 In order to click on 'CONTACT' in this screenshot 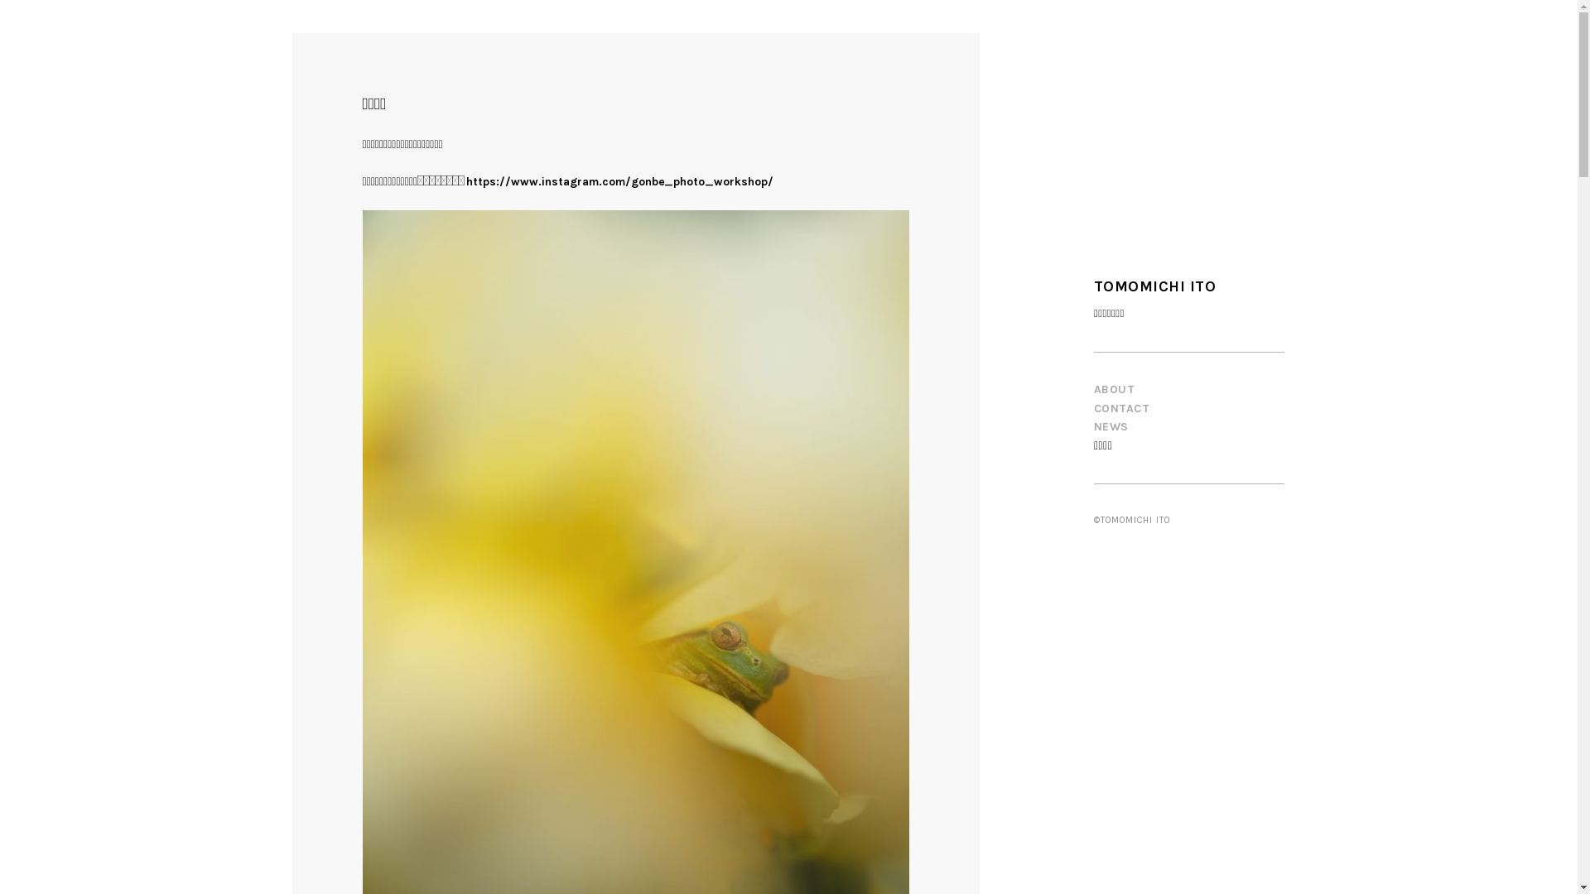, I will do `click(1121, 408)`.